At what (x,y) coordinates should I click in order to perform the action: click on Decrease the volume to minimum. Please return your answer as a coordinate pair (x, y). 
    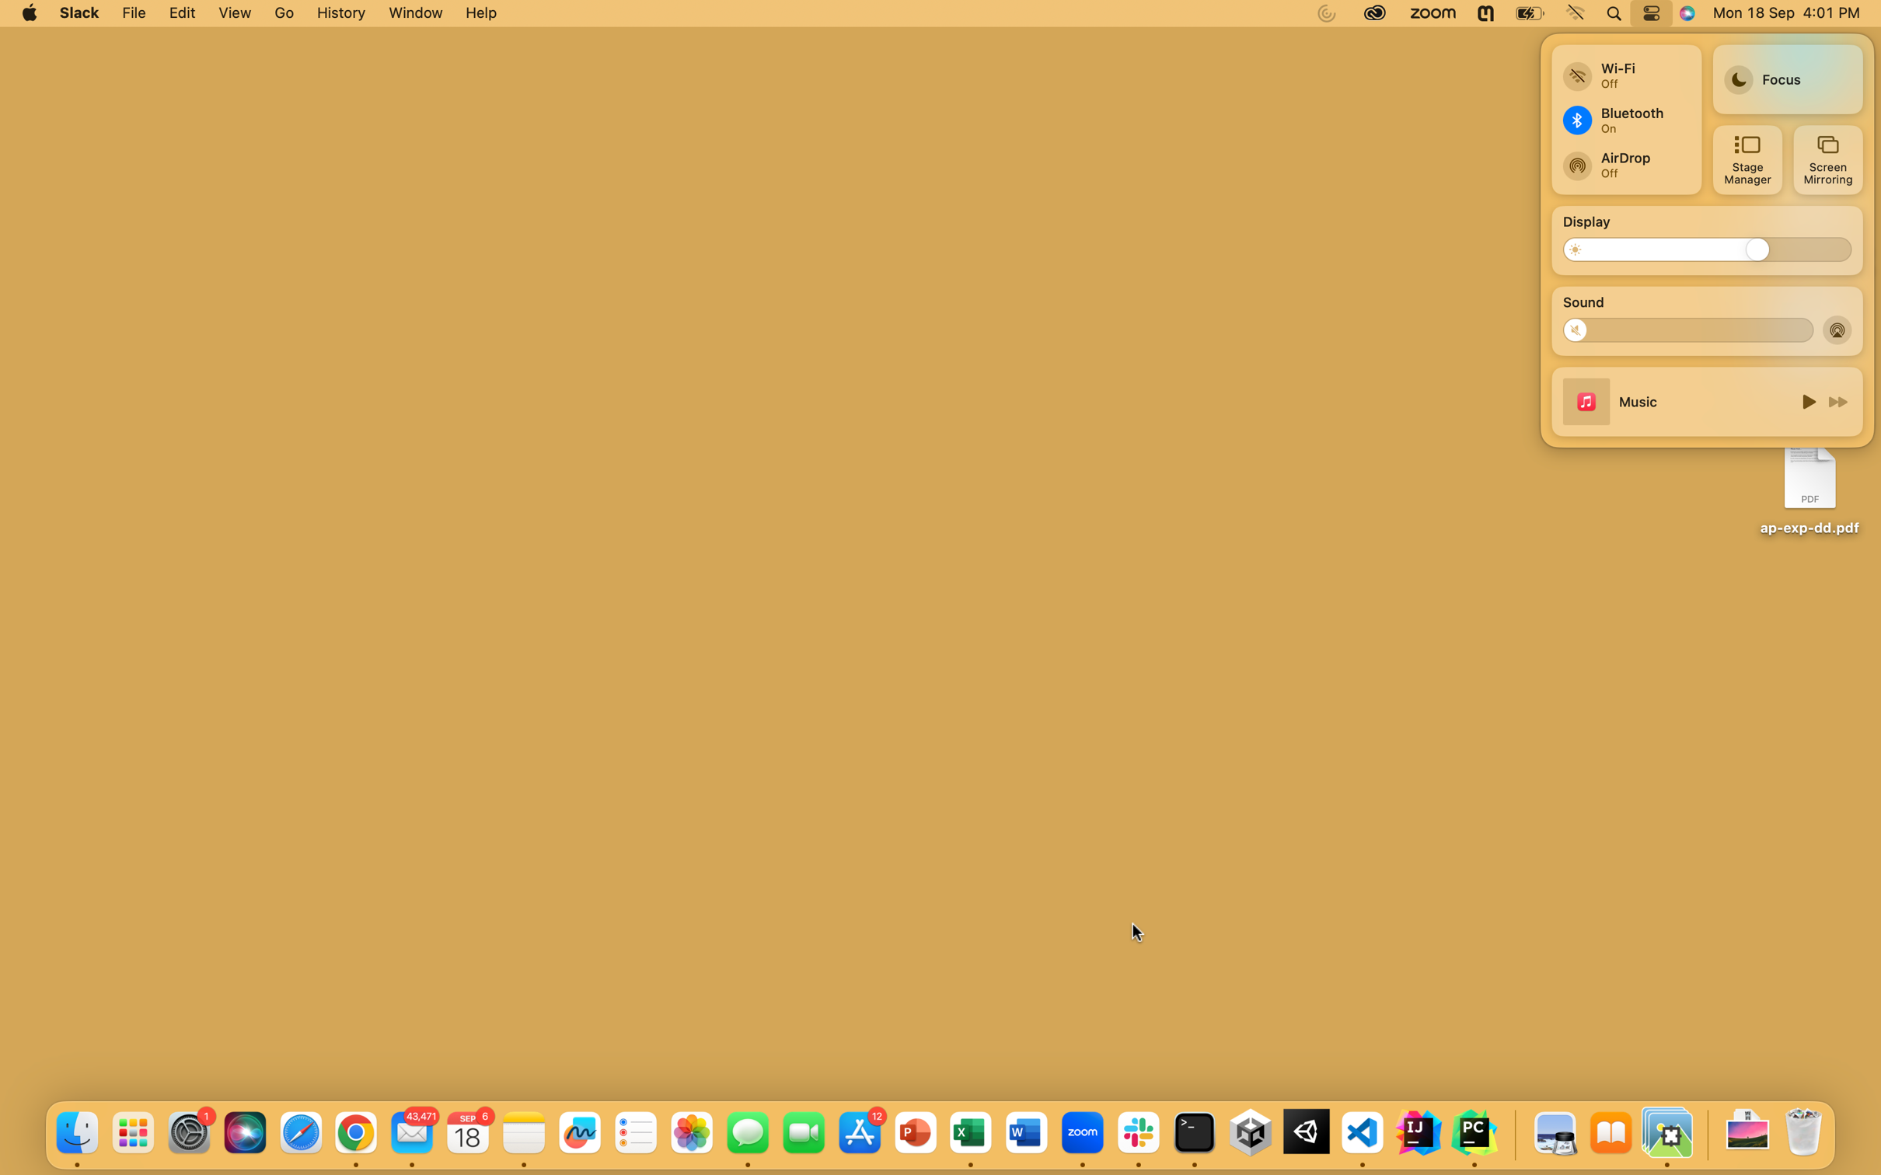
    Looking at the image, I should click on (1582, 329).